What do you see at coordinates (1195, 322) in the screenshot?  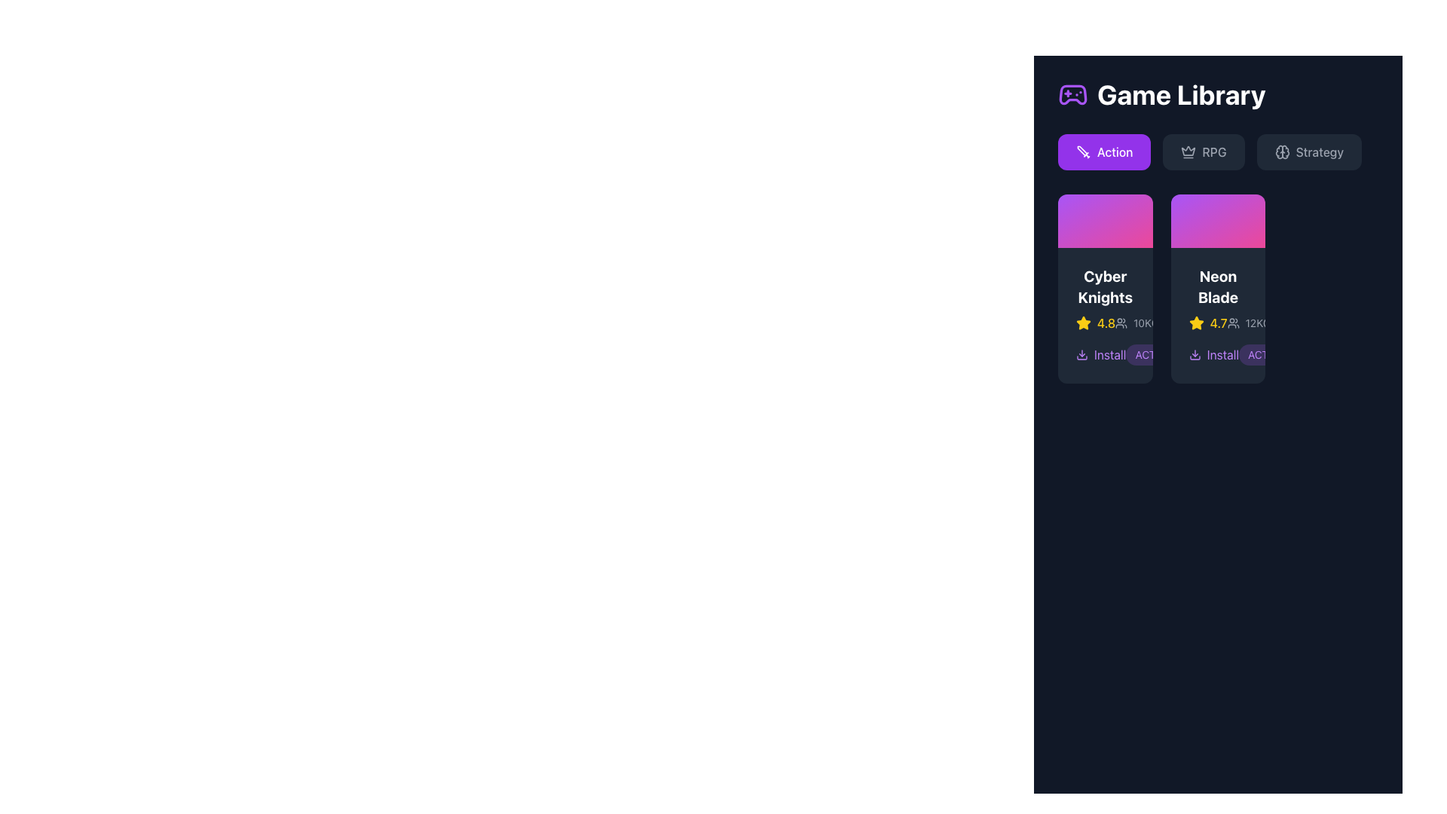 I see `the second star icon in the rating display of the 'Cyber Knights' card` at bounding box center [1195, 322].